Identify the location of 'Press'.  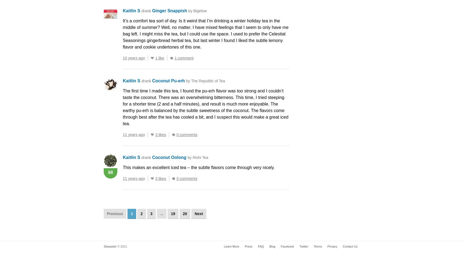
(248, 246).